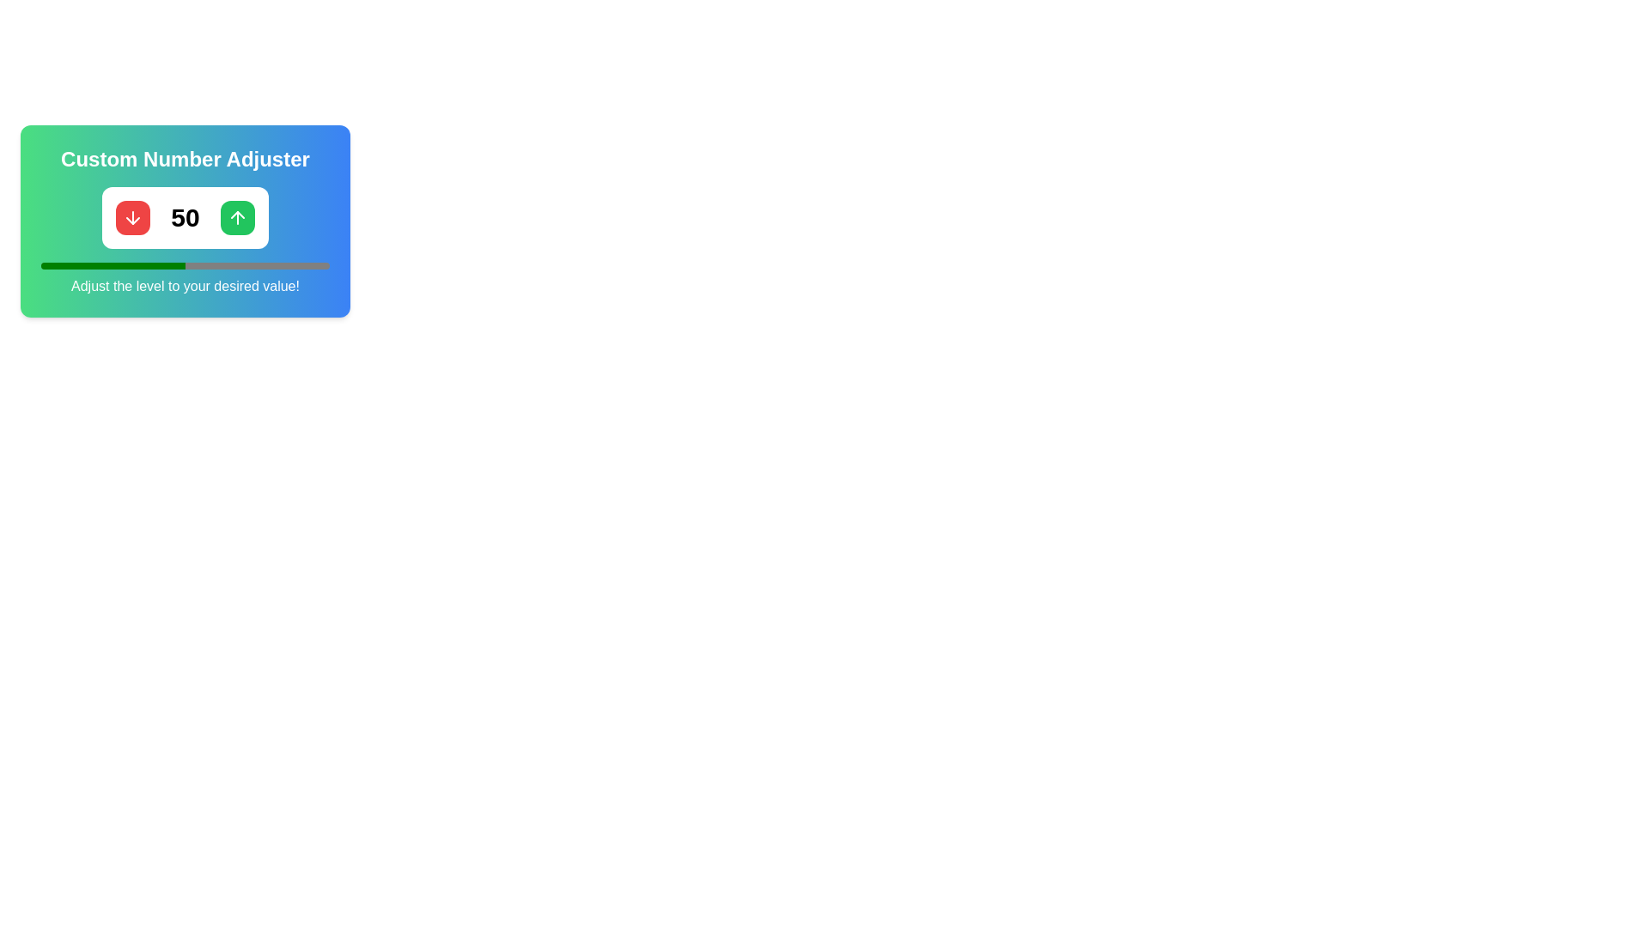 Image resolution: width=1649 pixels, height=927 pixels. What do you see at coordinates (77, 265) in the screenshot?
I see `the slider value` at bounding box center [77, 265].